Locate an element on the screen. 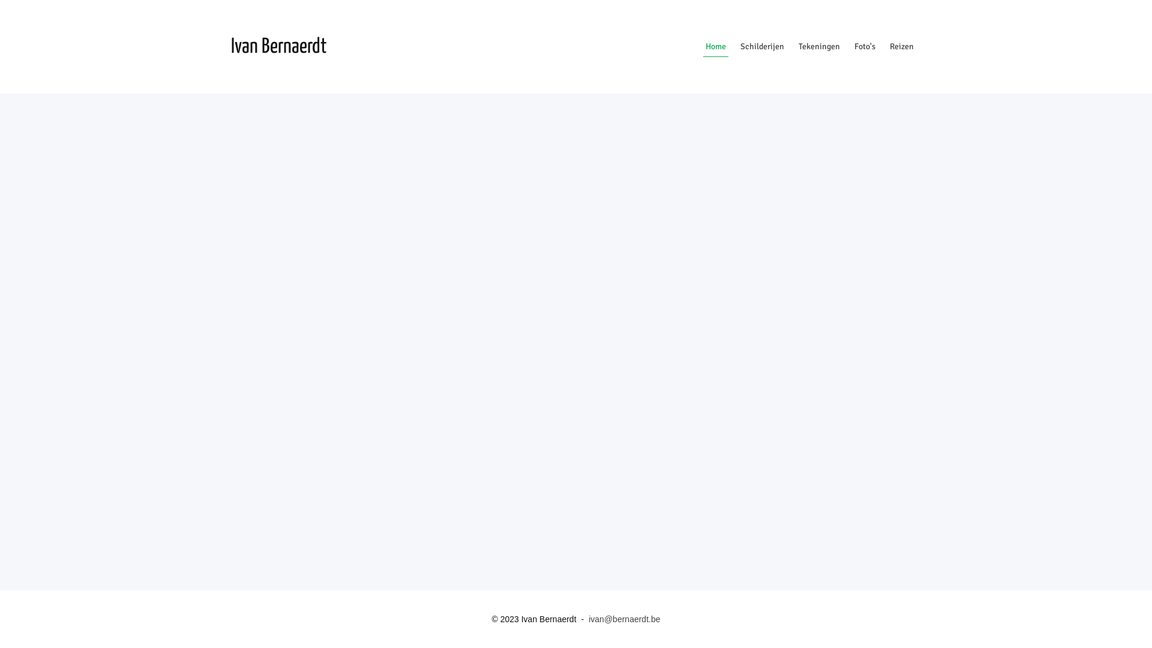 Image resolution: width=1152 pixels, height=648 pixels. 'Foto's' is located at coordinates (865, 46).